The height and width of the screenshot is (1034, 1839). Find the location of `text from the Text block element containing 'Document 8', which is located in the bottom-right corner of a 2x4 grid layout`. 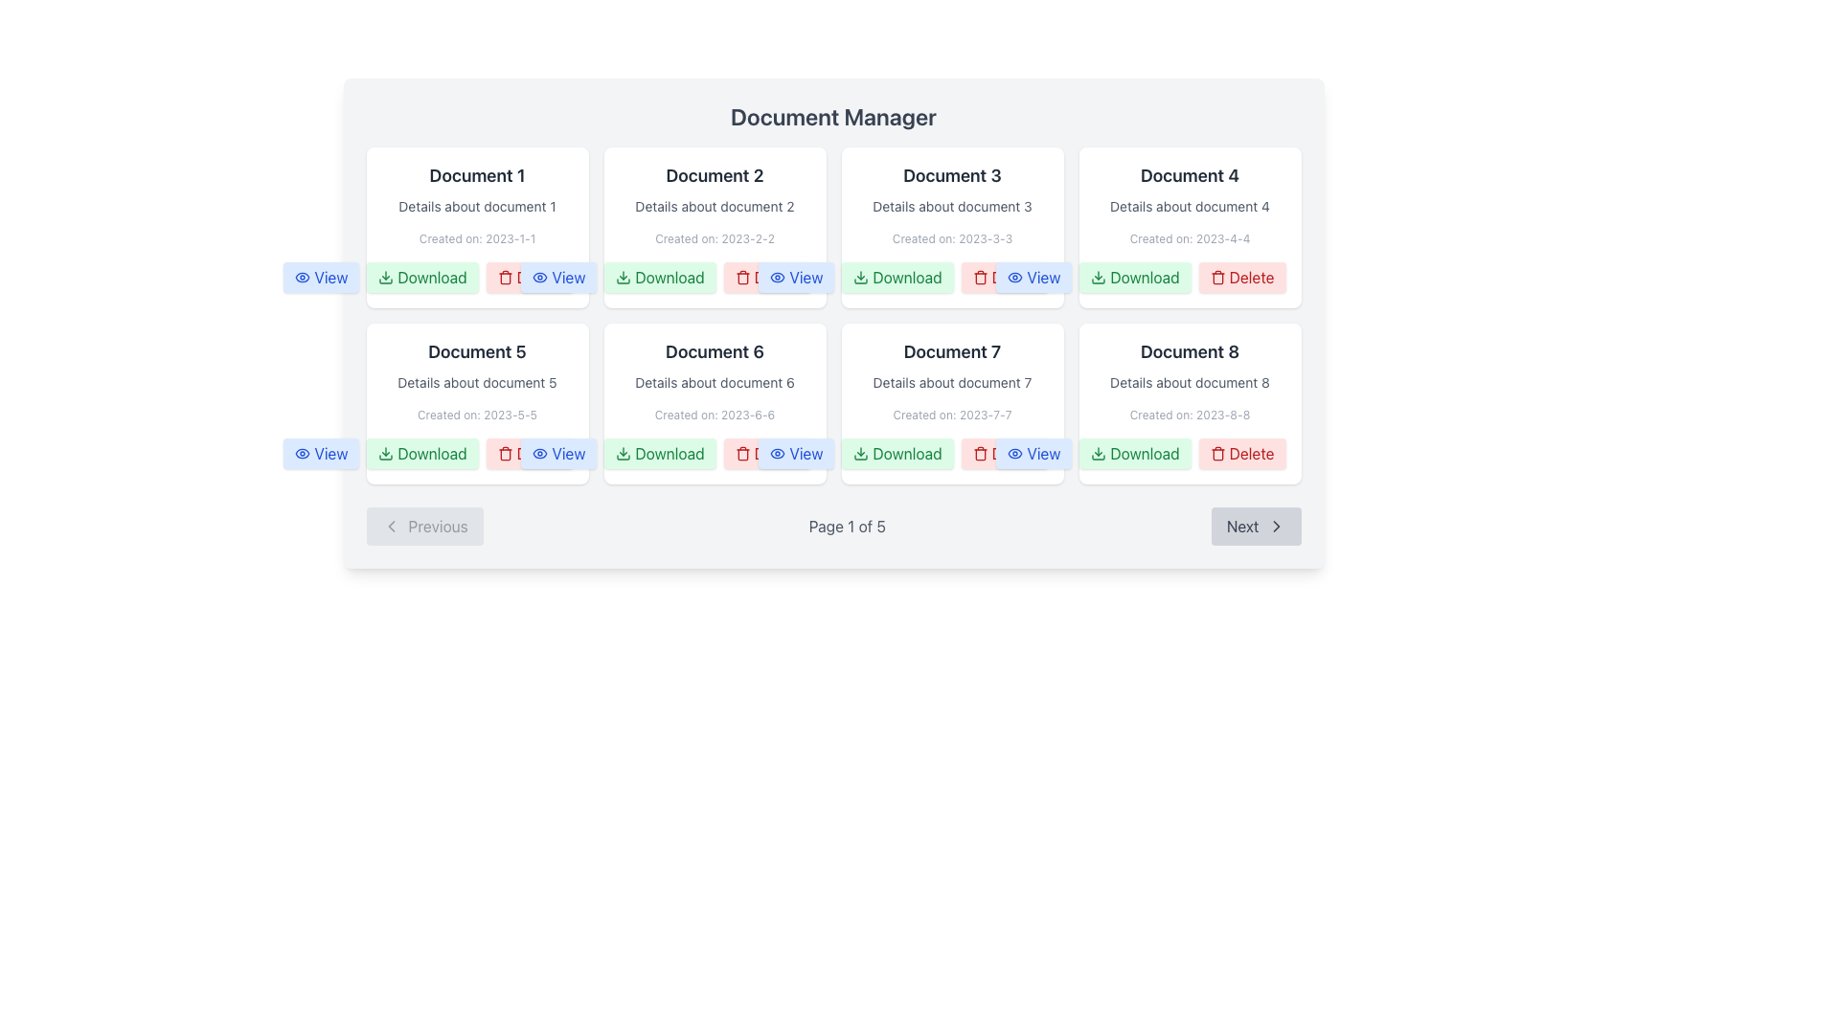

text from the Text block element containing 'Document 8', which is located in the bottom-right corner of a 2x4 grid layout is located at coordinates (1189, 380).